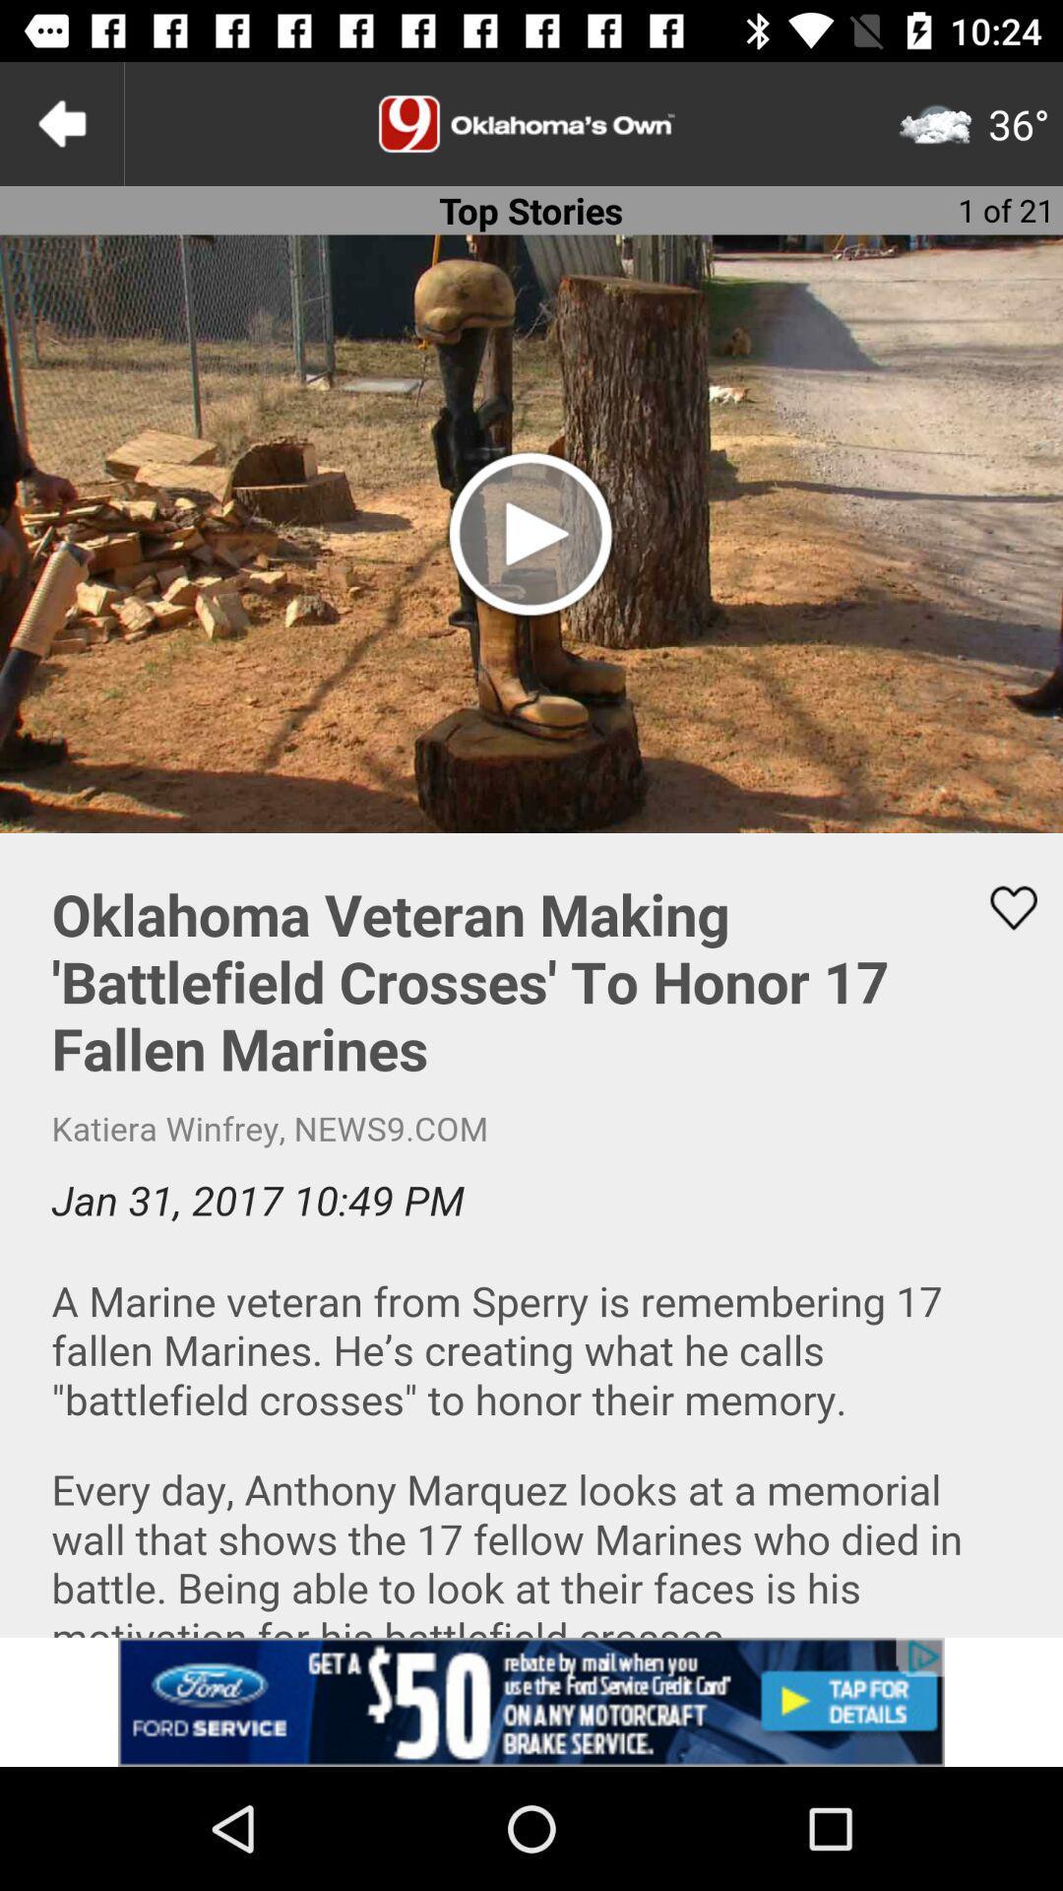  I want to click on make it favorite, so click(1001, 907).